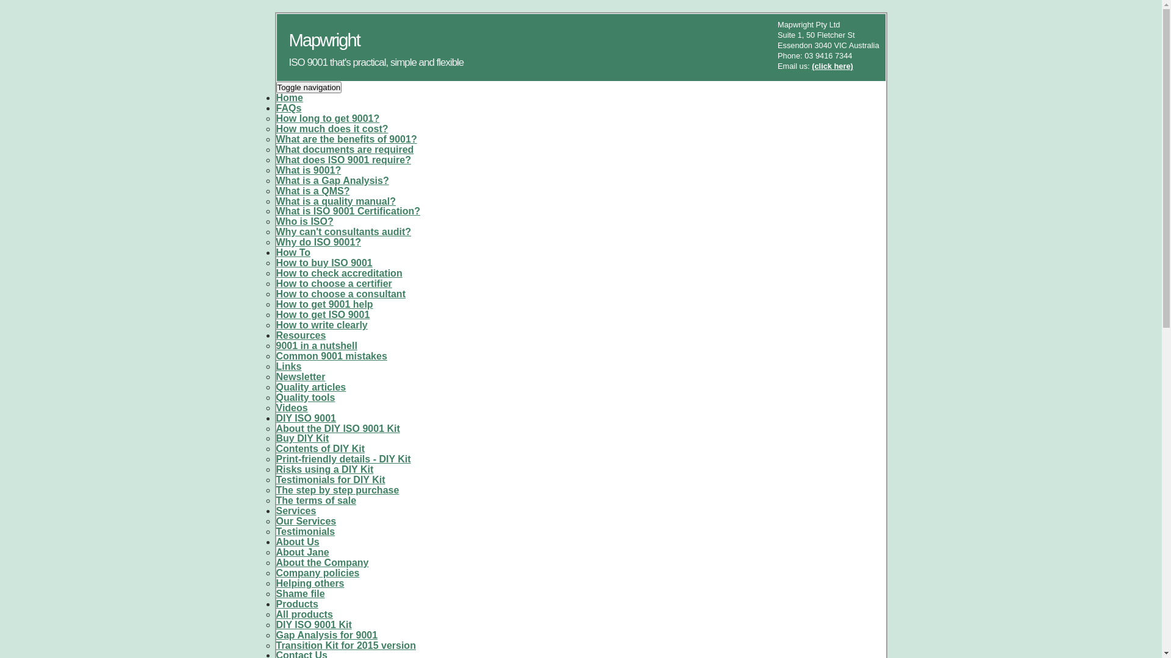 The width and height of the screenshot is (1171, 658). What do you see at coordinates (274, 129) in the screenshot?
I see `'How much does it cost?'` at bounding box center [274, 129].